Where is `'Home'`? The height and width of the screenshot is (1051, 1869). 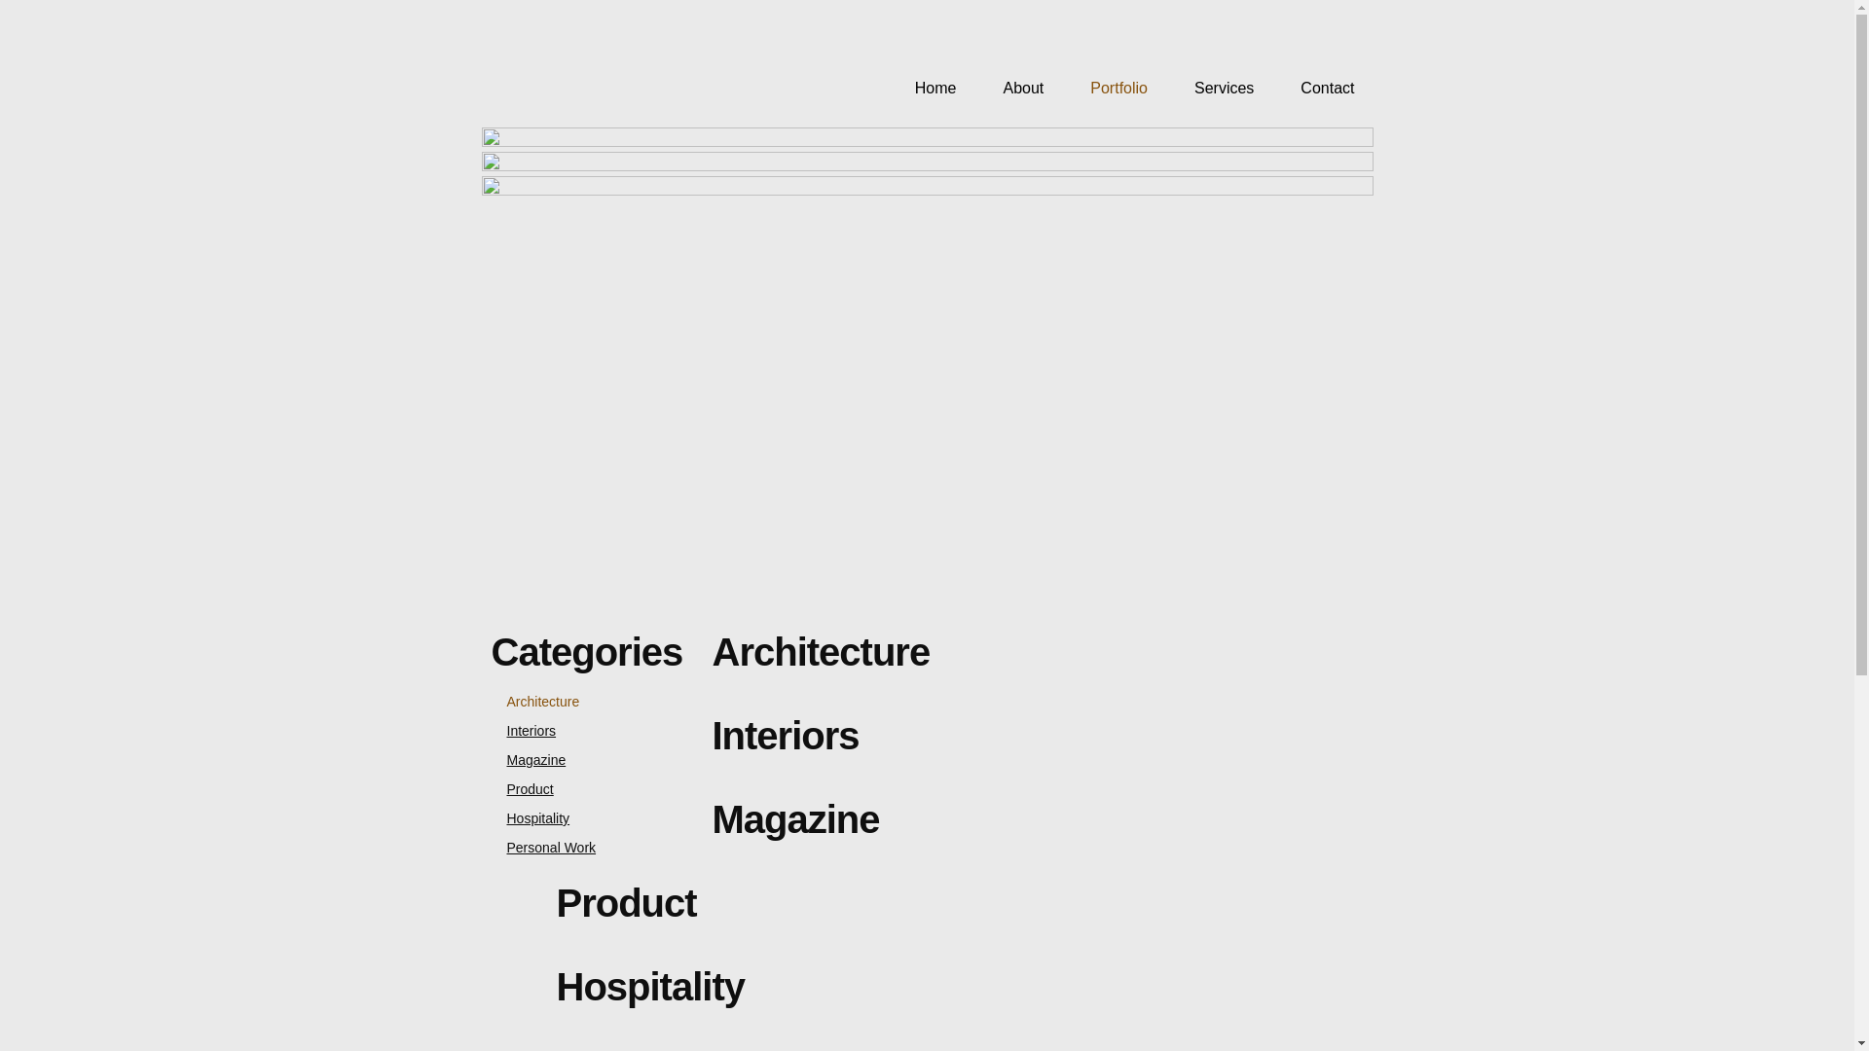 'Home' is located at coordinates (925, 89).